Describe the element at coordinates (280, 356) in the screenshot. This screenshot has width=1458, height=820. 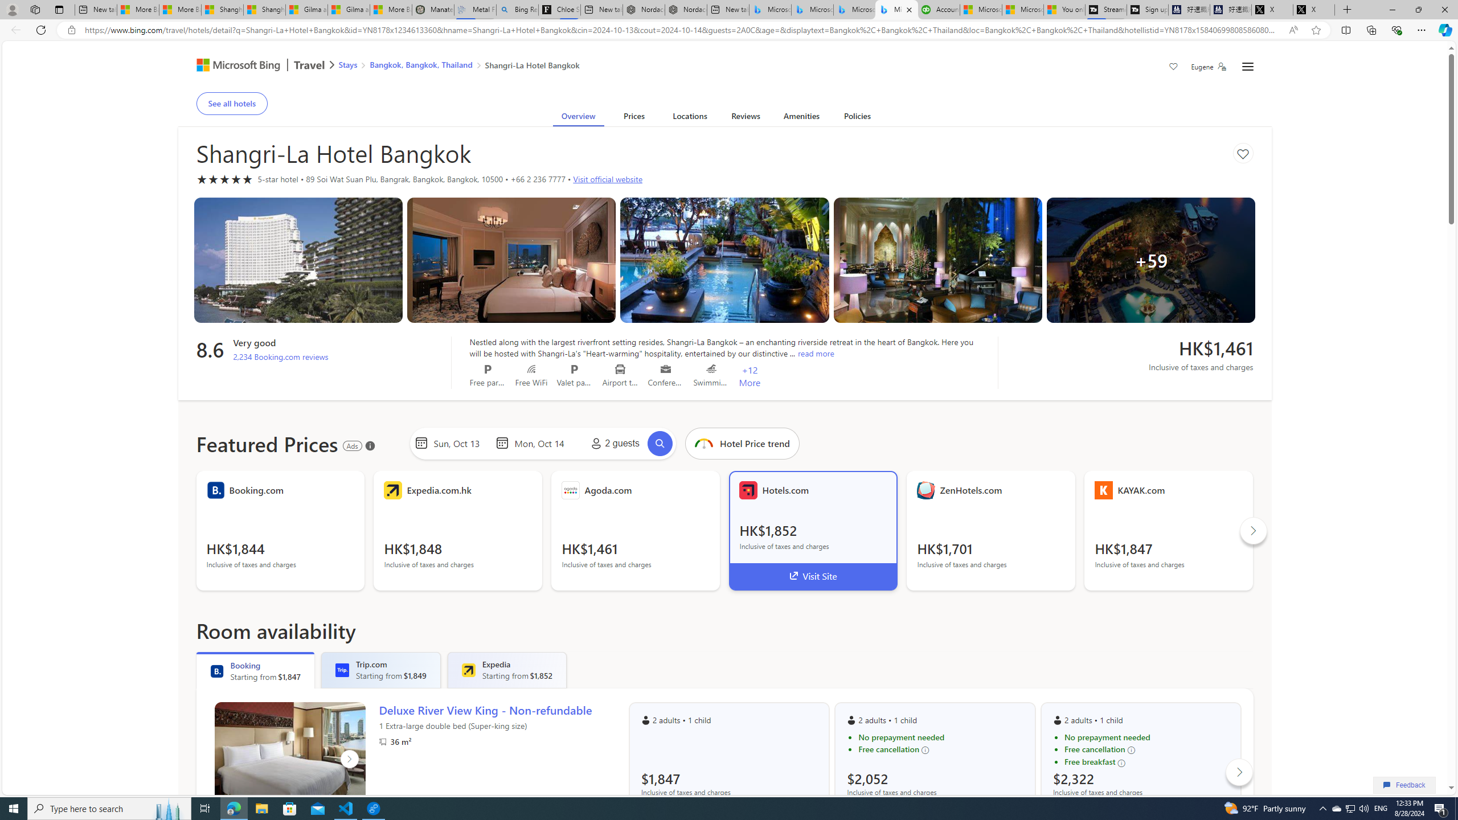
I see `'2,234 Booking.com reviews'` at that location.